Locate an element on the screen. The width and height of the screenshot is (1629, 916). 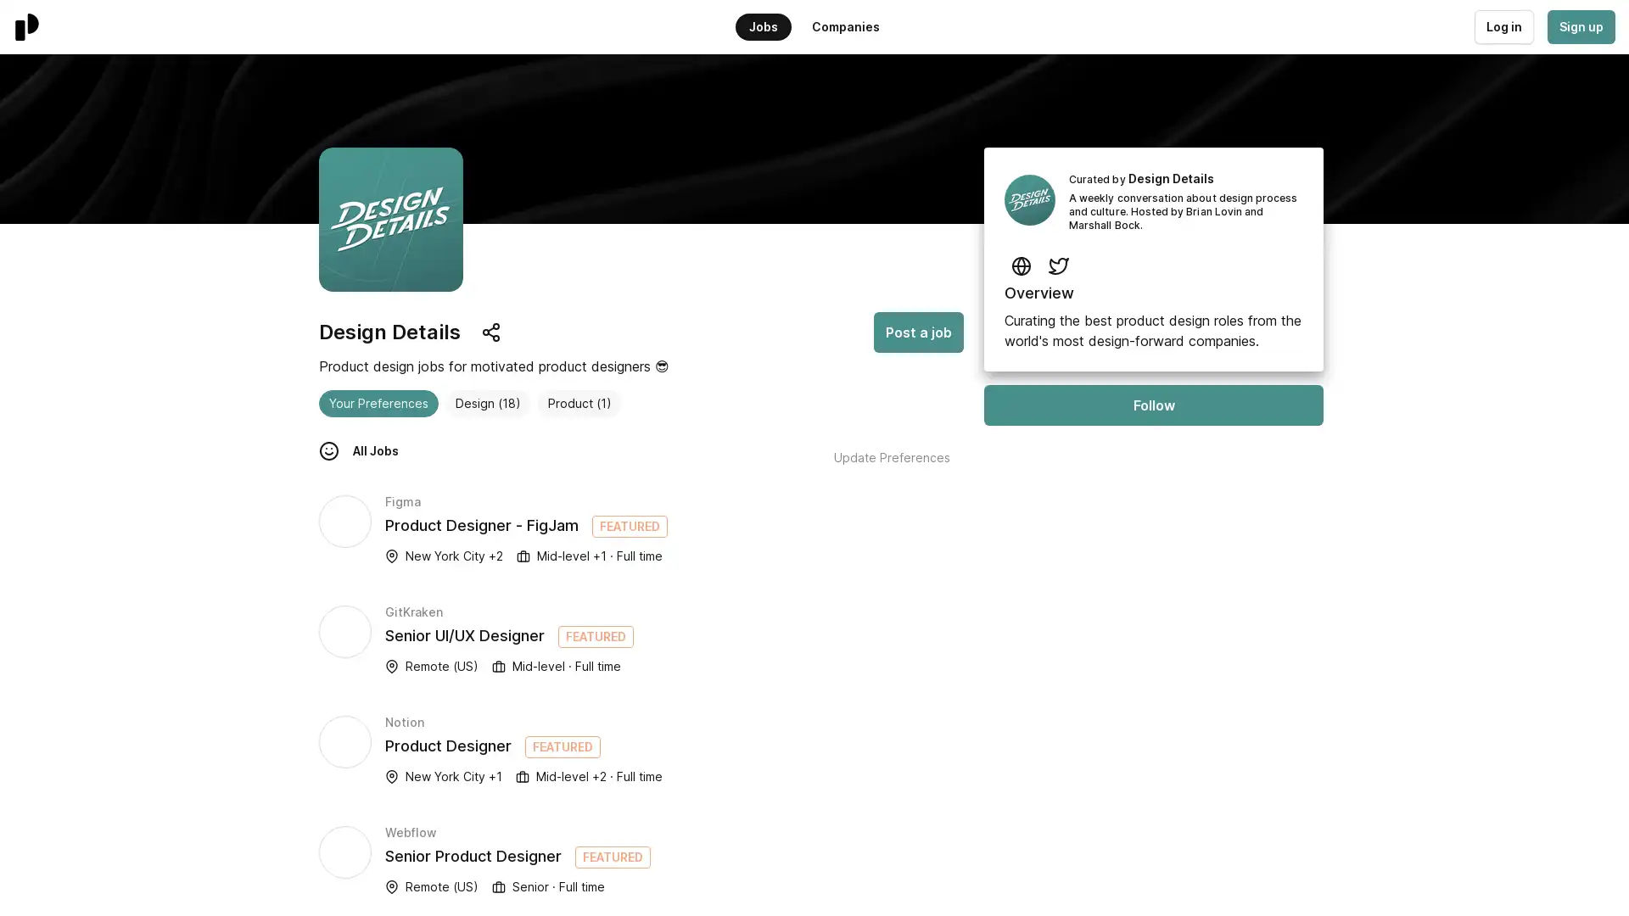
Post a job is located at coordinates (918, 332).